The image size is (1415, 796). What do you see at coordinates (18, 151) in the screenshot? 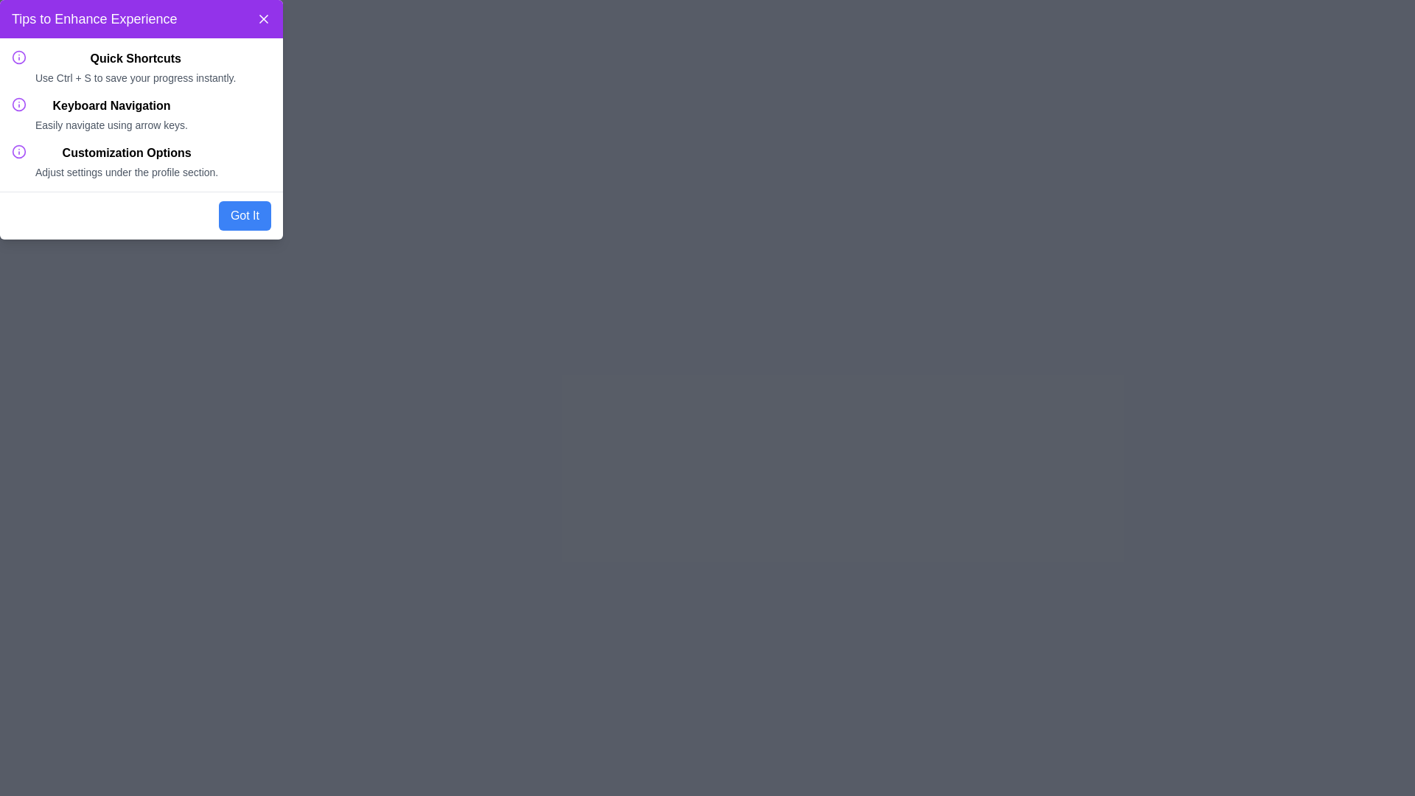
I see `the circular purple 'i' icon located to the left of the 'Customization Options' text in the 'Tips to Enhance Experience' dialog box` at bounding box center [18, 151].